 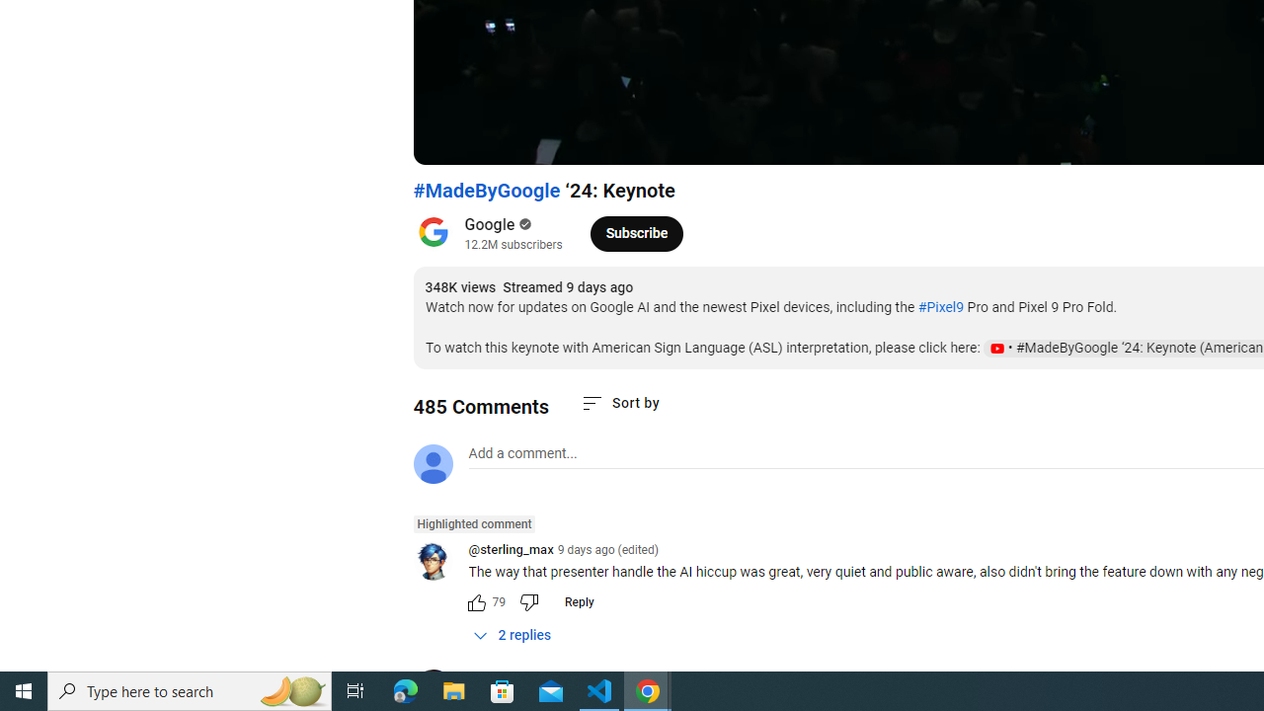 I want to click on 'Subscribe to Google.', so click(x=636, y=232).